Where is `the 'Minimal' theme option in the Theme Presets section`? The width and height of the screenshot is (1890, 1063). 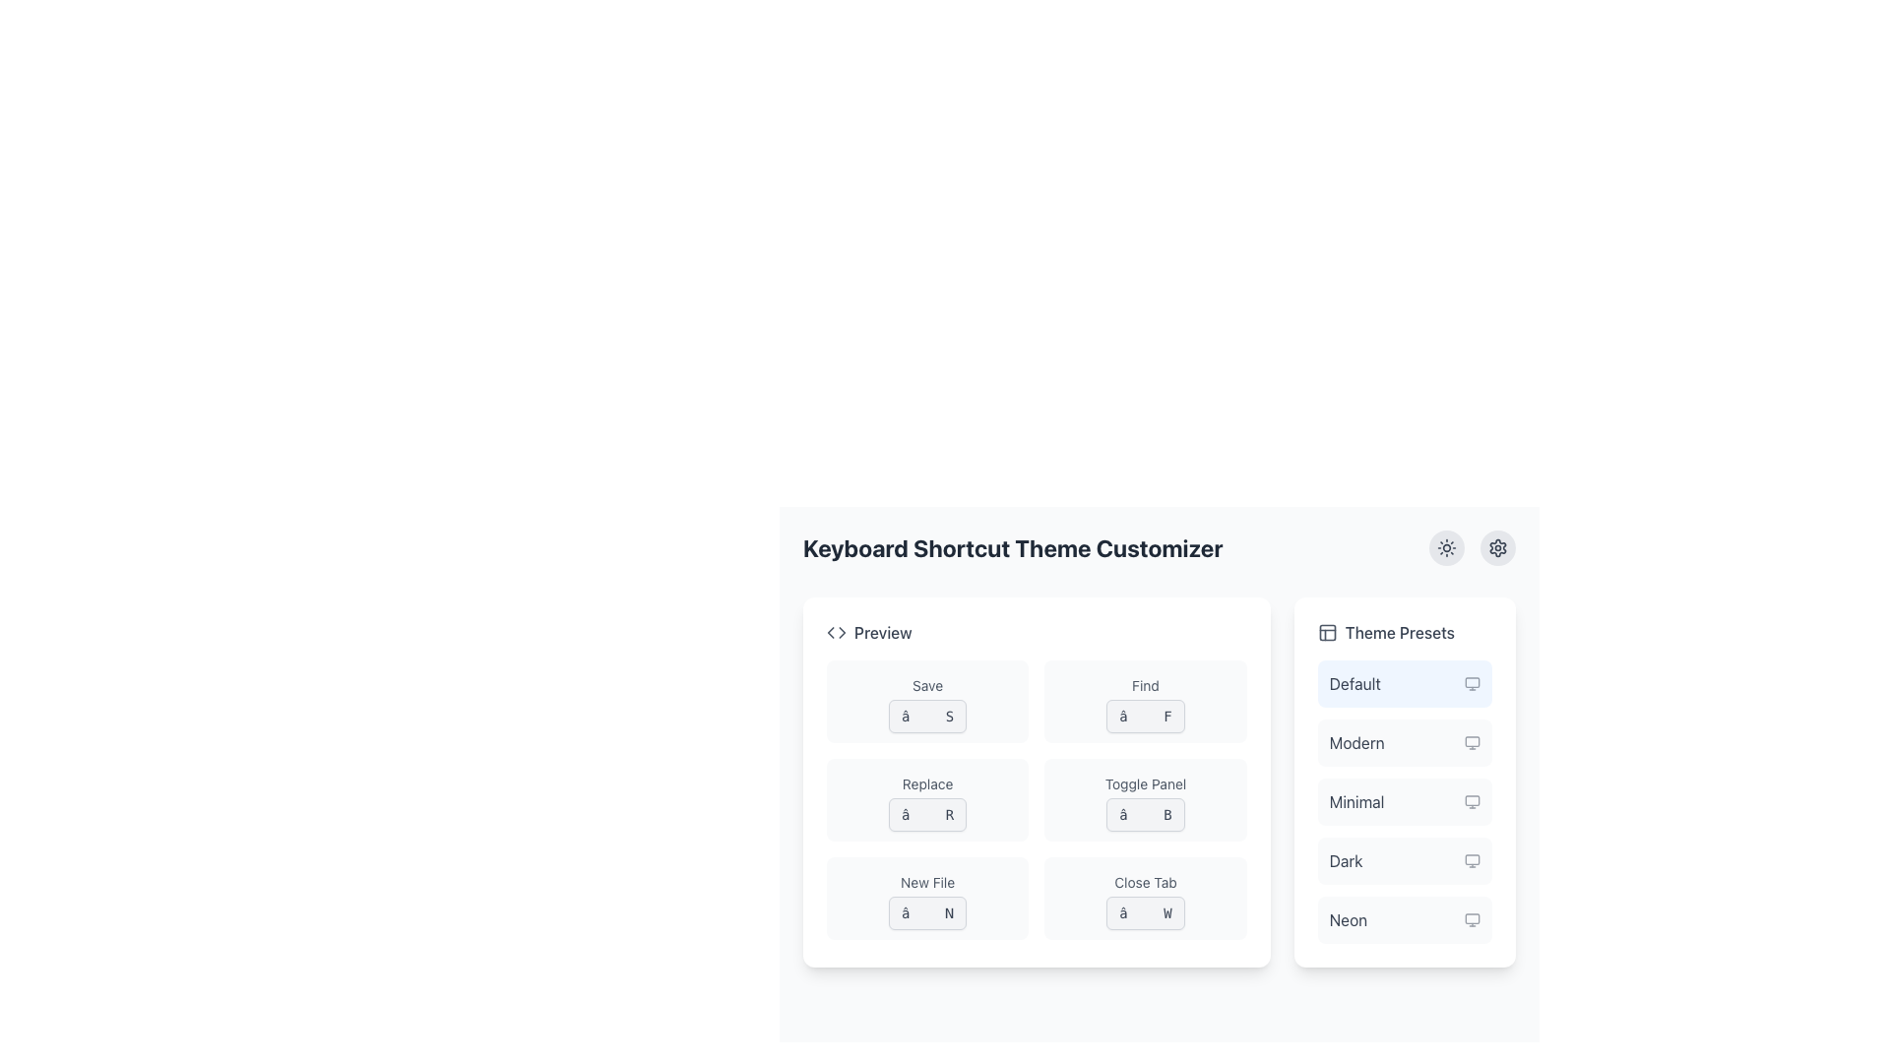 the 'Minimal' theme option in the Theme Presets section is located at coordinates (1355, 801).